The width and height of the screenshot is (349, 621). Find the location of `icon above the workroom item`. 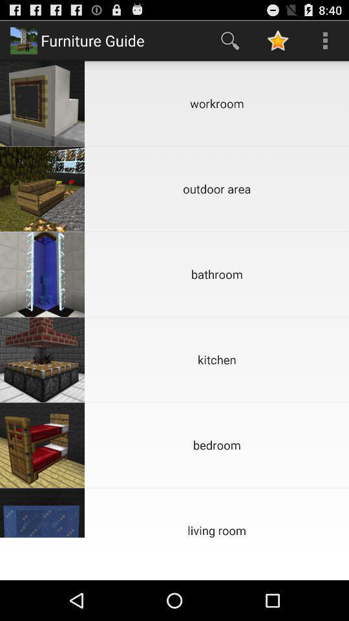

icon above the workroom item is located at coordinates (277, 40).